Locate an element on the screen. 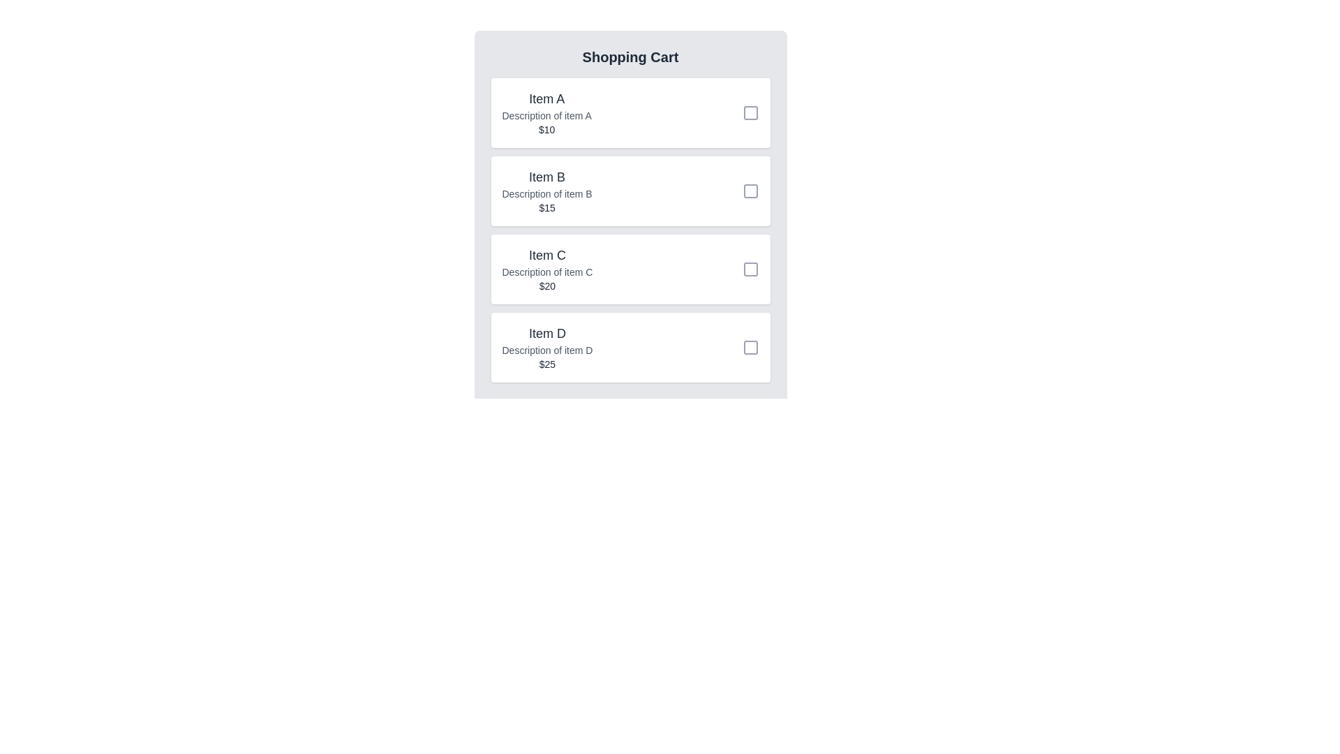 Image resolution: width=1340 pixels, height=754 pixels. the textual component displaying 'Description of item B' in gray font, which is located beneath the 'Item B' title in the shopping cart interface is located at coordinates (546, 193).